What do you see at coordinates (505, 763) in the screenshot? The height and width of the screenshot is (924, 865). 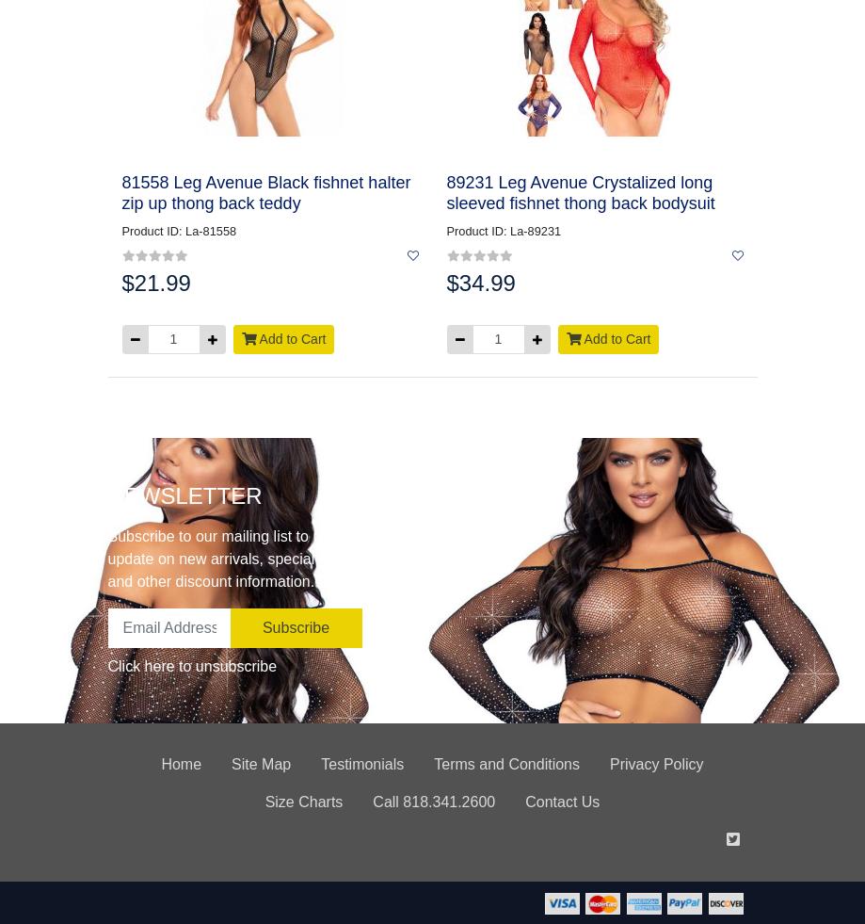 I see `'Terms and Conditions'` at bounding box center [505, 763].